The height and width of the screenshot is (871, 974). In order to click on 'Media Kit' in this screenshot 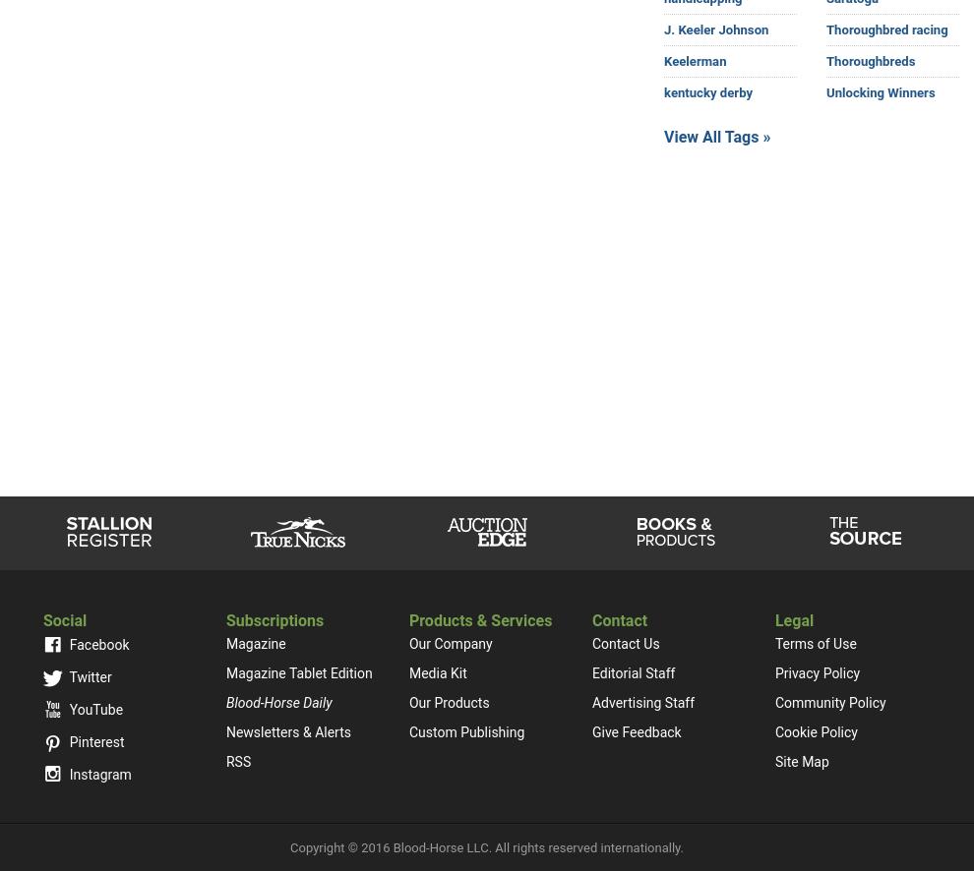, I will do `click(407, 671)`.